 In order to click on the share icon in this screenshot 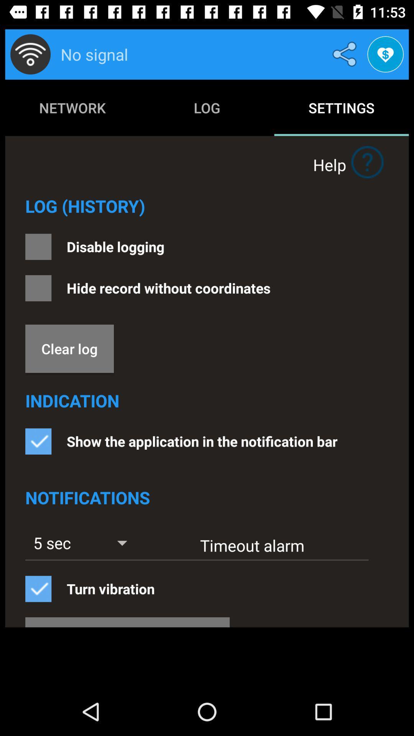, I will do `click(346, 54)`.